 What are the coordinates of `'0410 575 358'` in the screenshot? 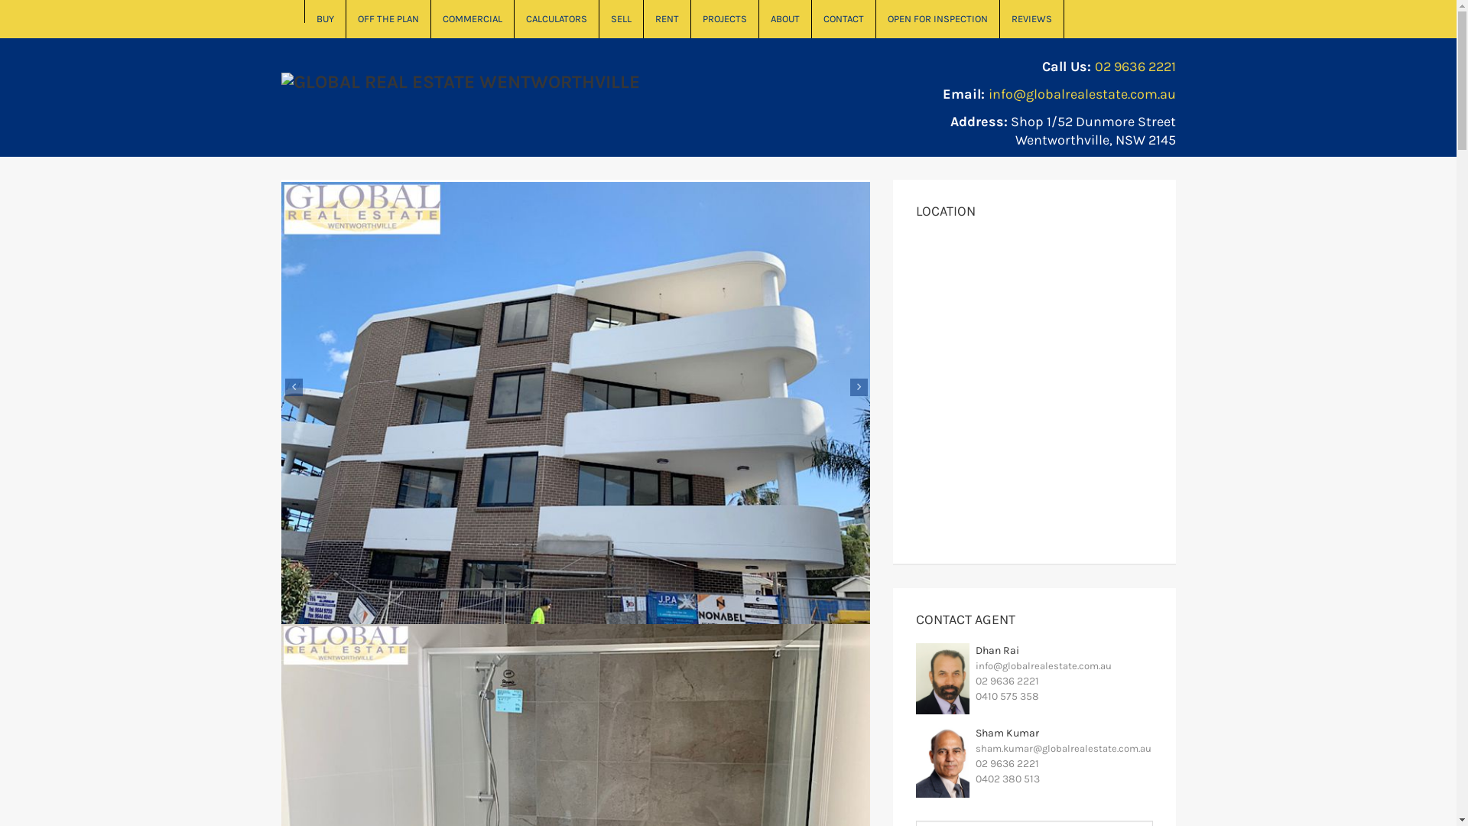 It's located at (975, 696).